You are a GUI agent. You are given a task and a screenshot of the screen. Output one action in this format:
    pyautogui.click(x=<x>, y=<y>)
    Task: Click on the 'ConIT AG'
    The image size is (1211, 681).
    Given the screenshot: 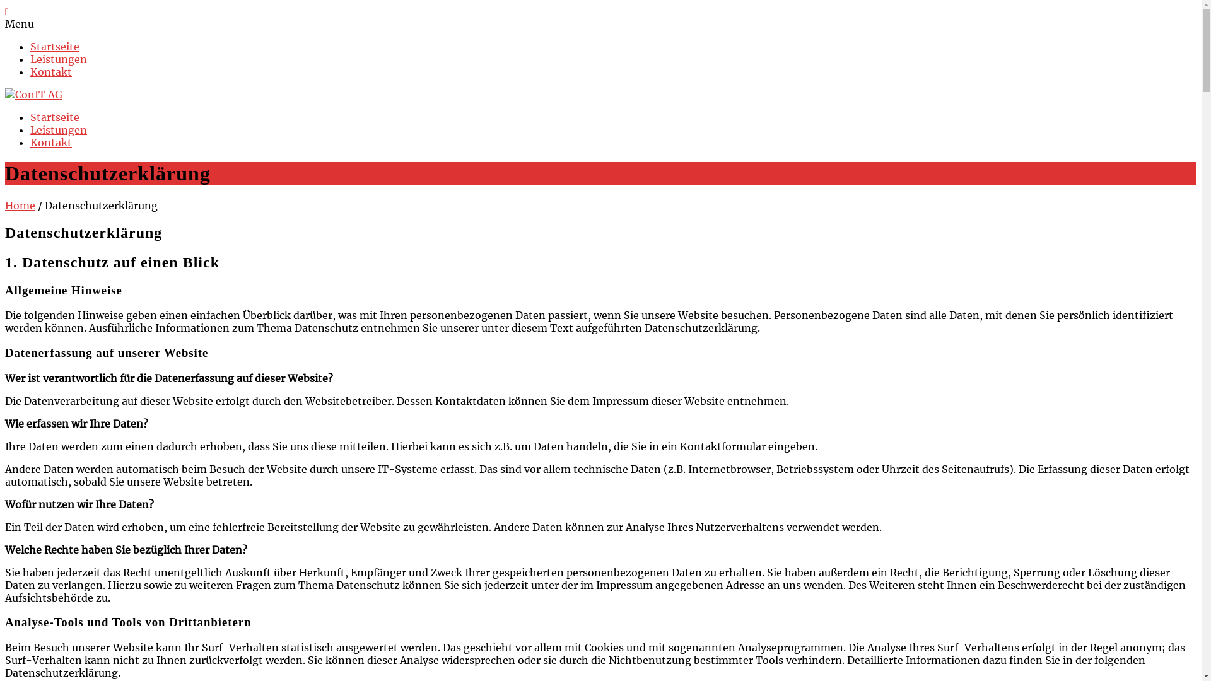 What is the action you would take?
    pyautogui.click(x=5, y=94)
    